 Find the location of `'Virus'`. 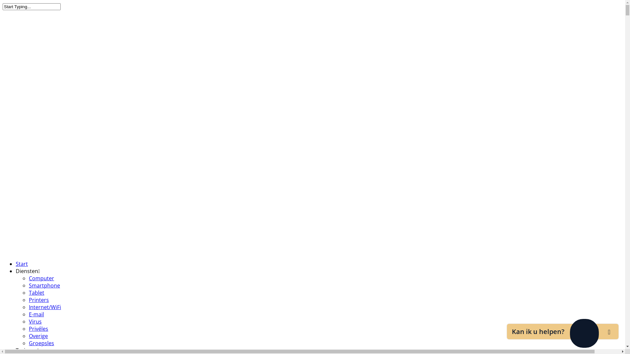

'Virus' is located at coordinates (28, 321).